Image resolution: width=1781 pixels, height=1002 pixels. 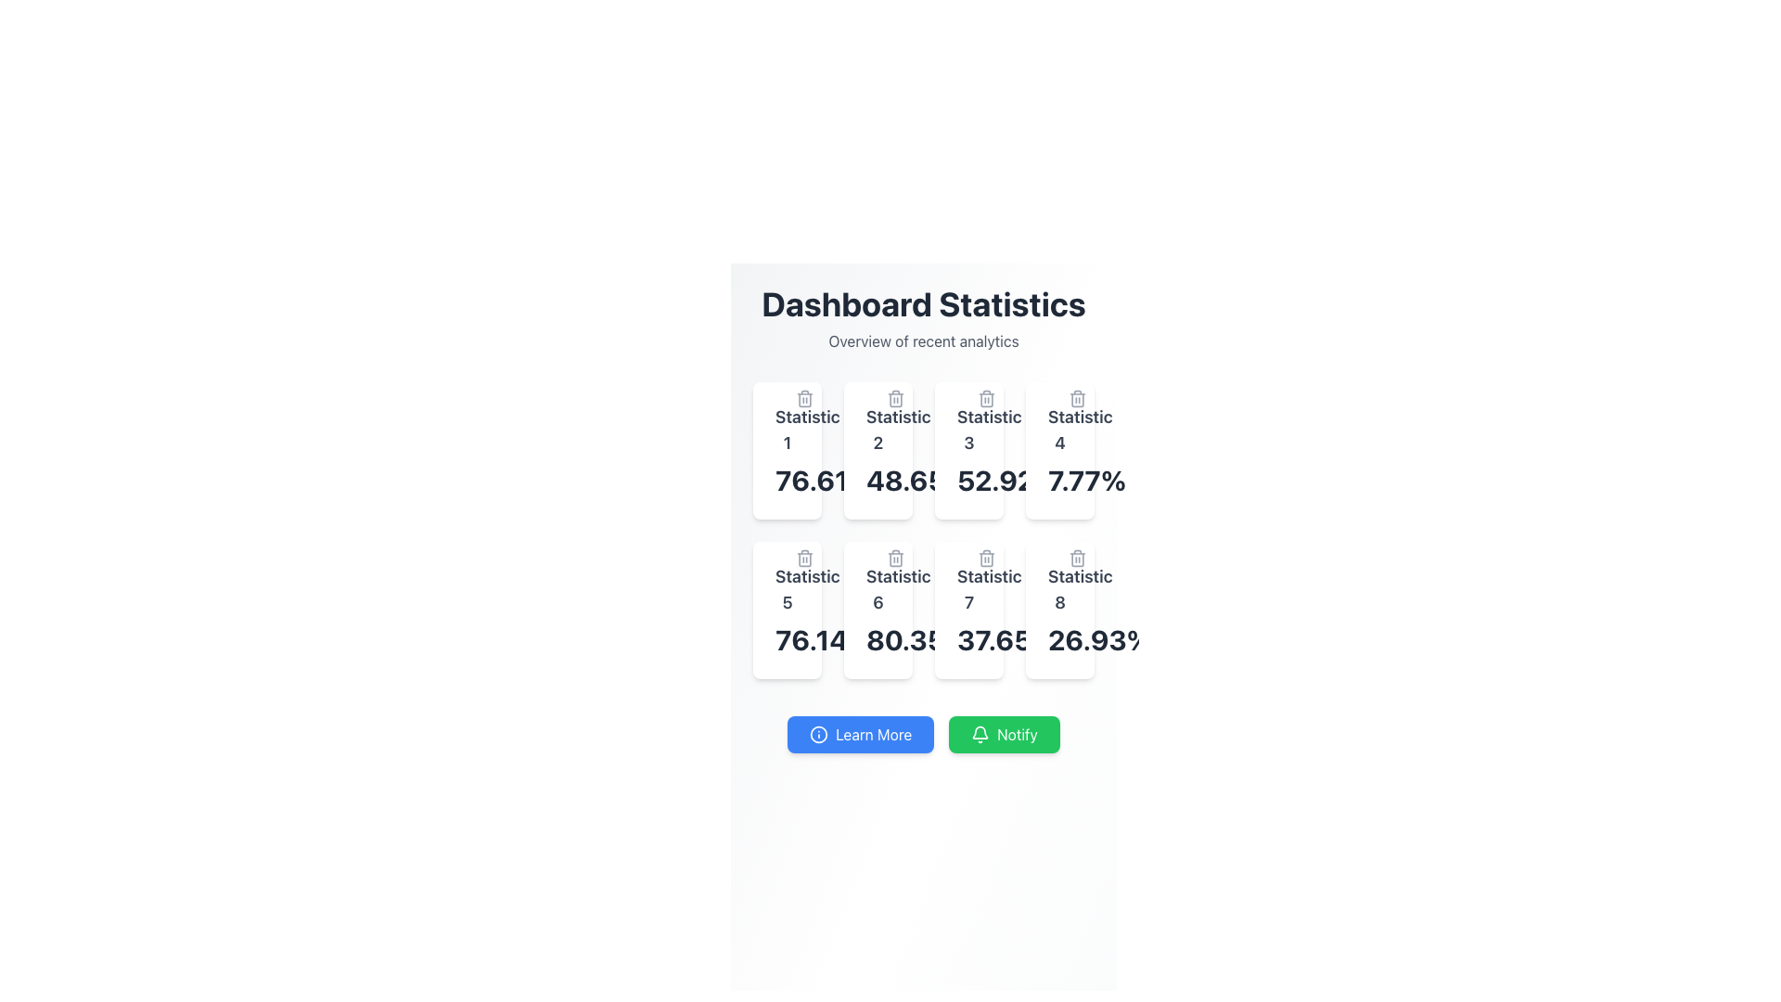 What do you see at coordinates (895, 397) in the screenshot?
I see `the delete icon button located in the top-right corner of the 'Statistic 2' card` at bounding box center [895, 397].